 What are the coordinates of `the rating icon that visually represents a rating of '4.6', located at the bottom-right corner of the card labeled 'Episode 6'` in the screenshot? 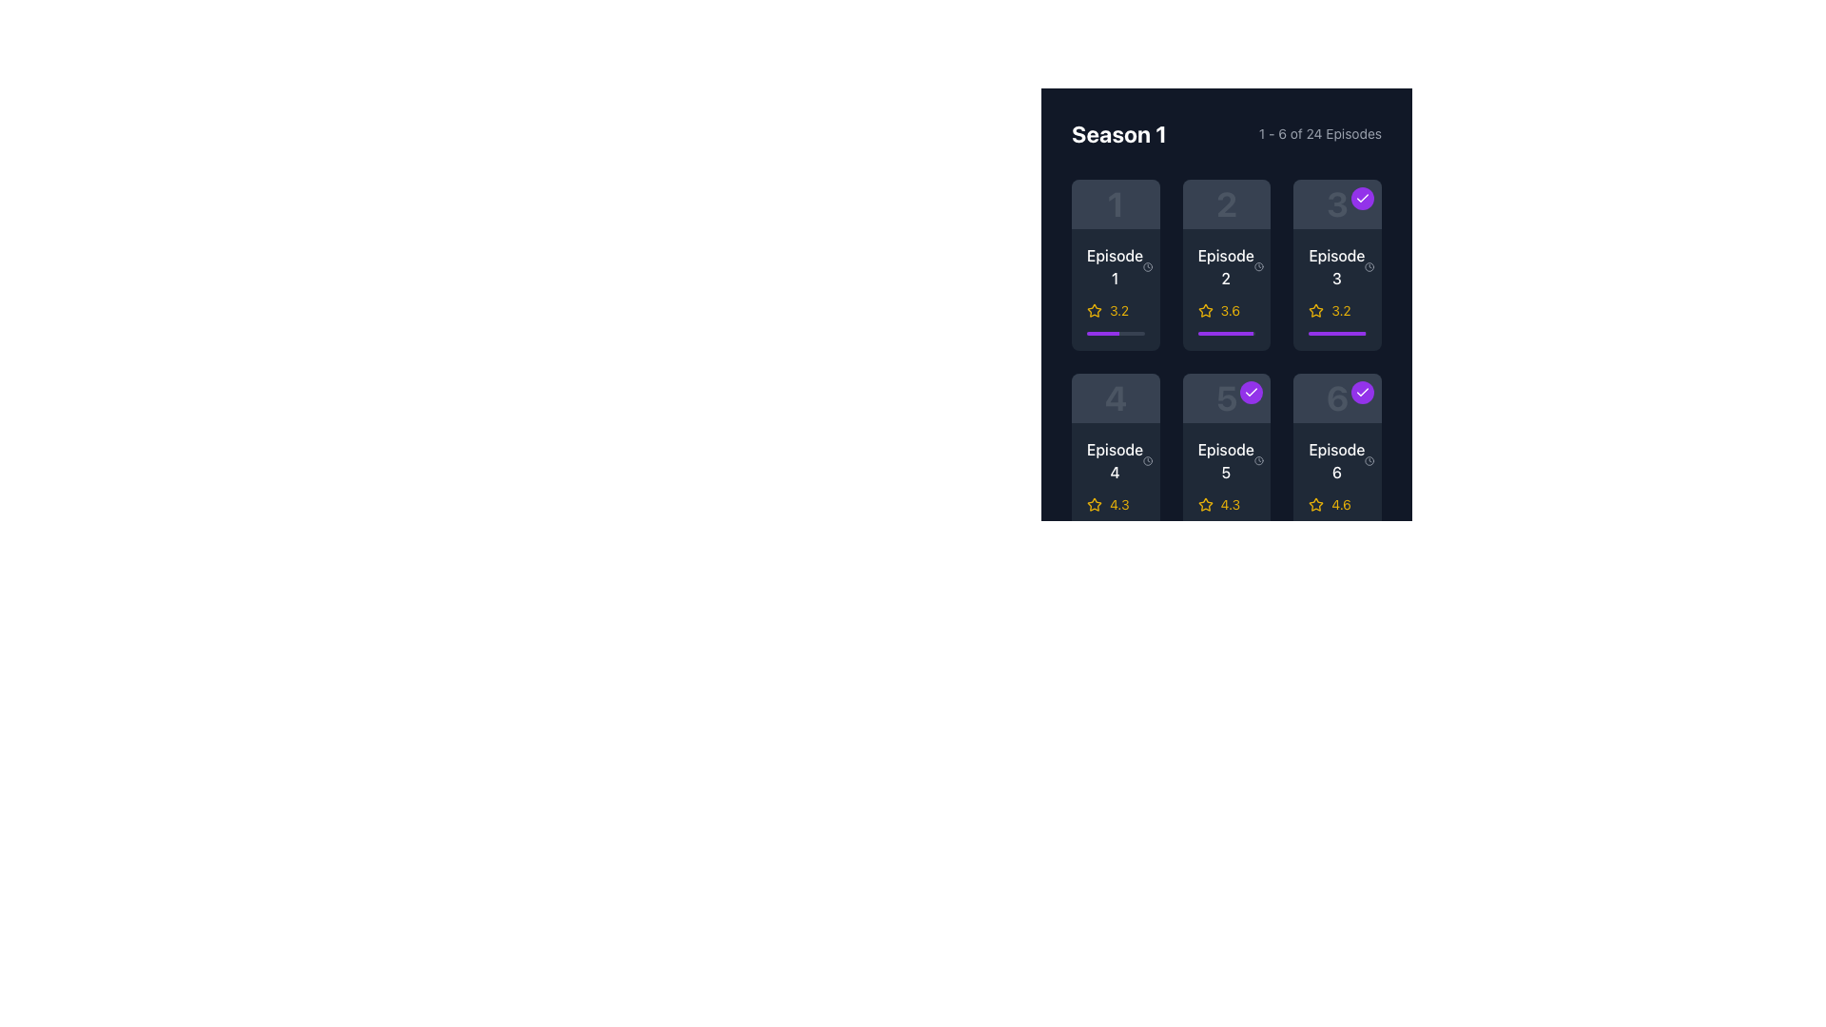 It's located at (1315, 504).